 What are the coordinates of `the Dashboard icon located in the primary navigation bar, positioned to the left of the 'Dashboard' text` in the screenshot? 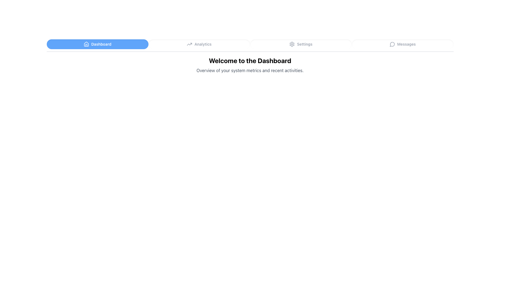 It's located at (86, 44).